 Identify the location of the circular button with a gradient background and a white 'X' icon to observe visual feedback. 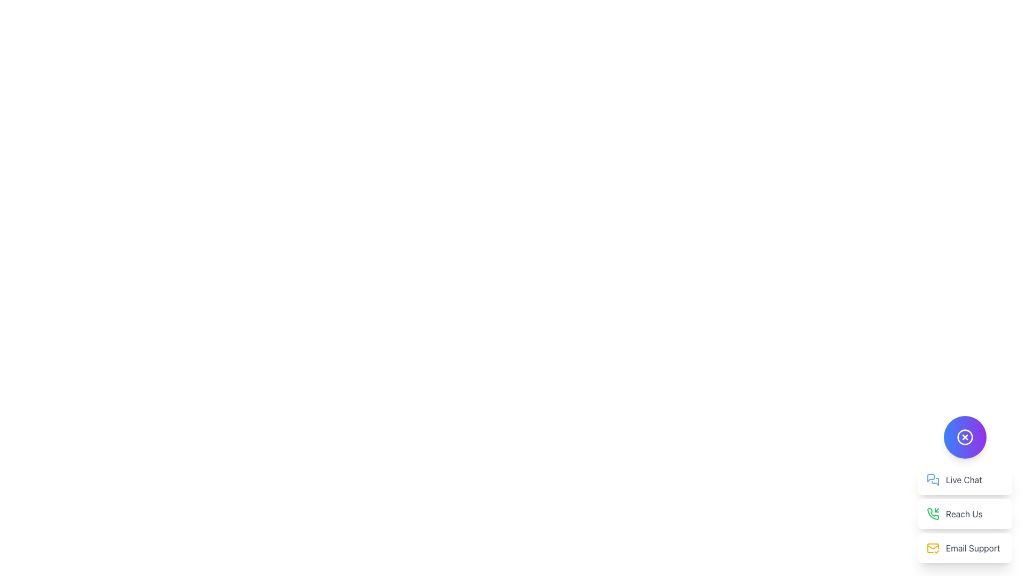
(965, 437).